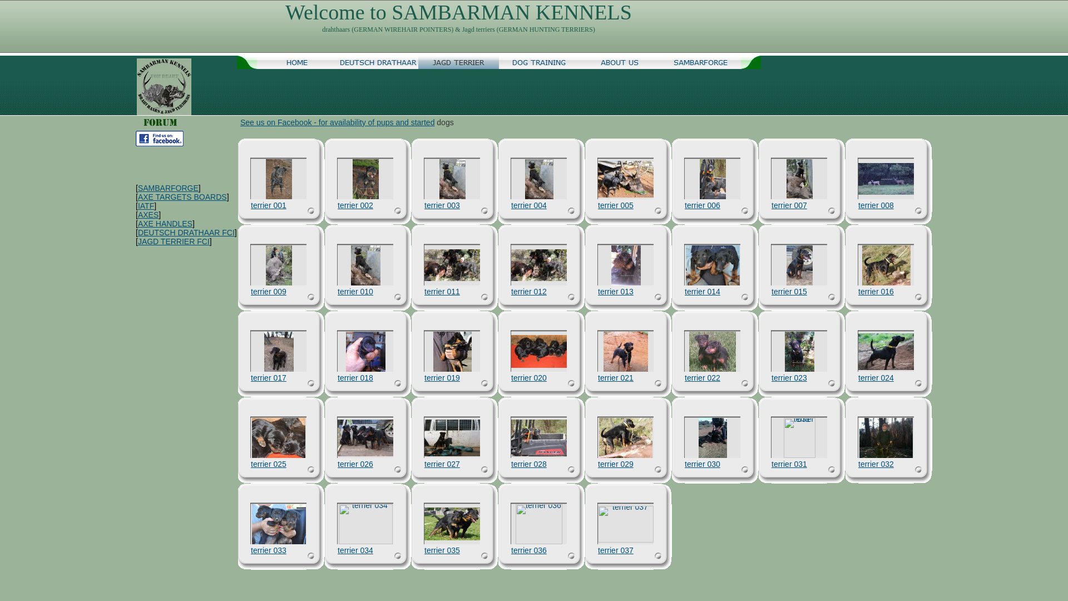 Image resolution: width=1068 pixels, height=601 pixels. Describe the element at coordinates (165, 223) in the screenshot. I see `'AXE HANDLES'` at that location.